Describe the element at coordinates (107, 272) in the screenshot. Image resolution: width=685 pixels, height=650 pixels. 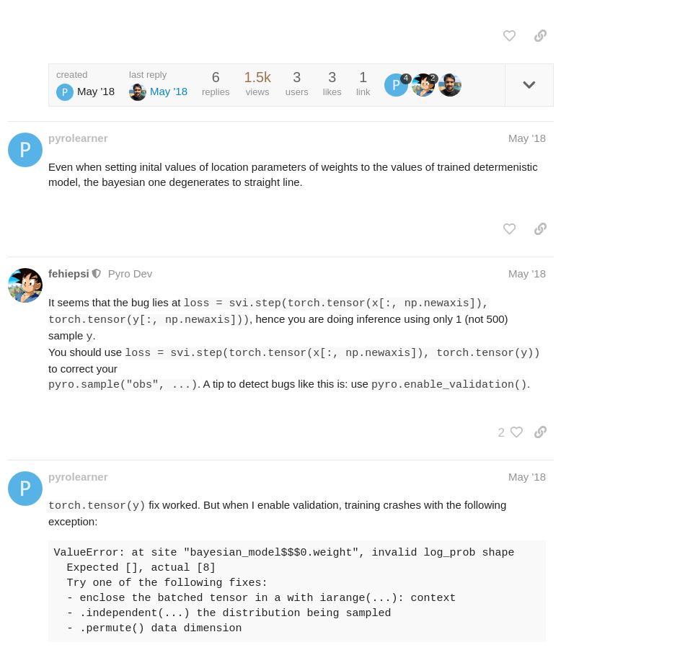
I see `'Pyro Dev'` at that location.